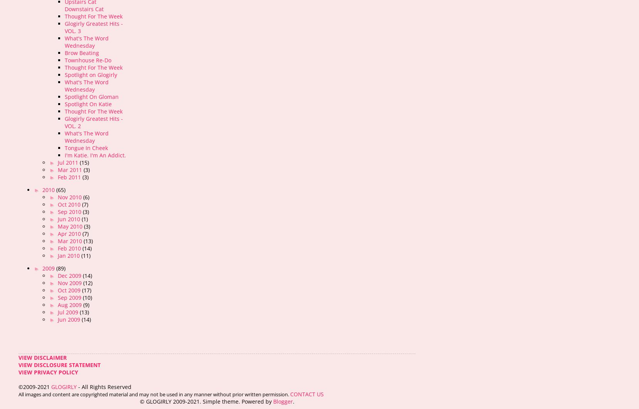 Image resolution: width=639 pixels, height=409 pixels. Describe the element at coordinates (70, 304) in the screenshot. I see `'Aug 2009'` at that location.